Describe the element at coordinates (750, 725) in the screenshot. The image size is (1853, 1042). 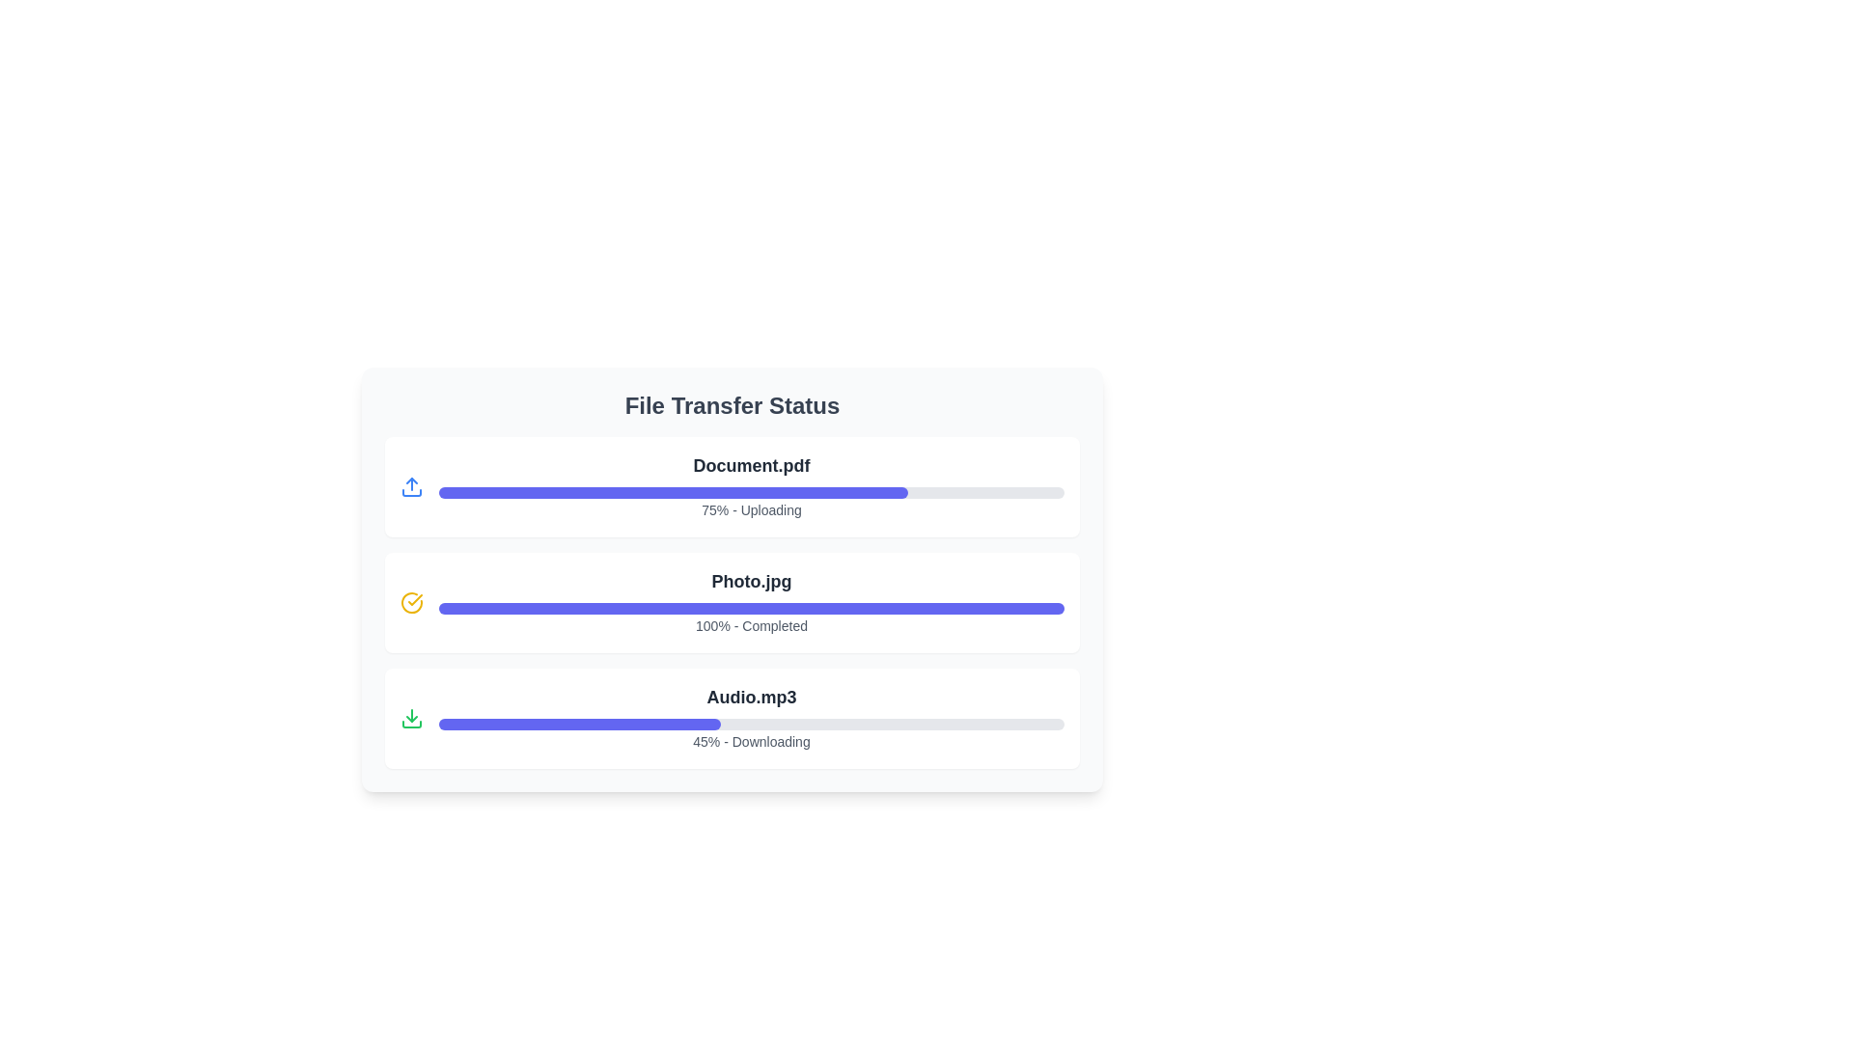
I see `the progress bar element indicating 45% completion that is located beneath the text 'Audio.mp3' and precedes the percentage display text '45% - Downloading'` at that location.